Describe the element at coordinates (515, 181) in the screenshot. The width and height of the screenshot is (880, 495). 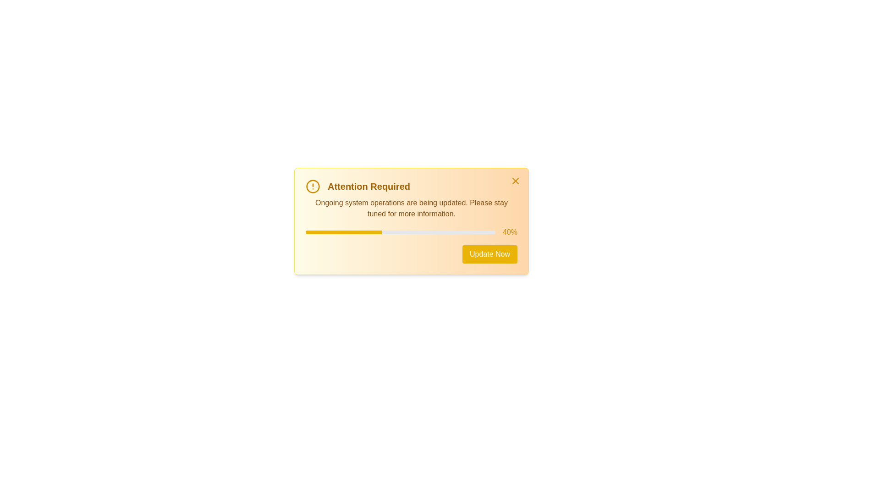
I see `the close button in the top-right corner of the alert` at that location.